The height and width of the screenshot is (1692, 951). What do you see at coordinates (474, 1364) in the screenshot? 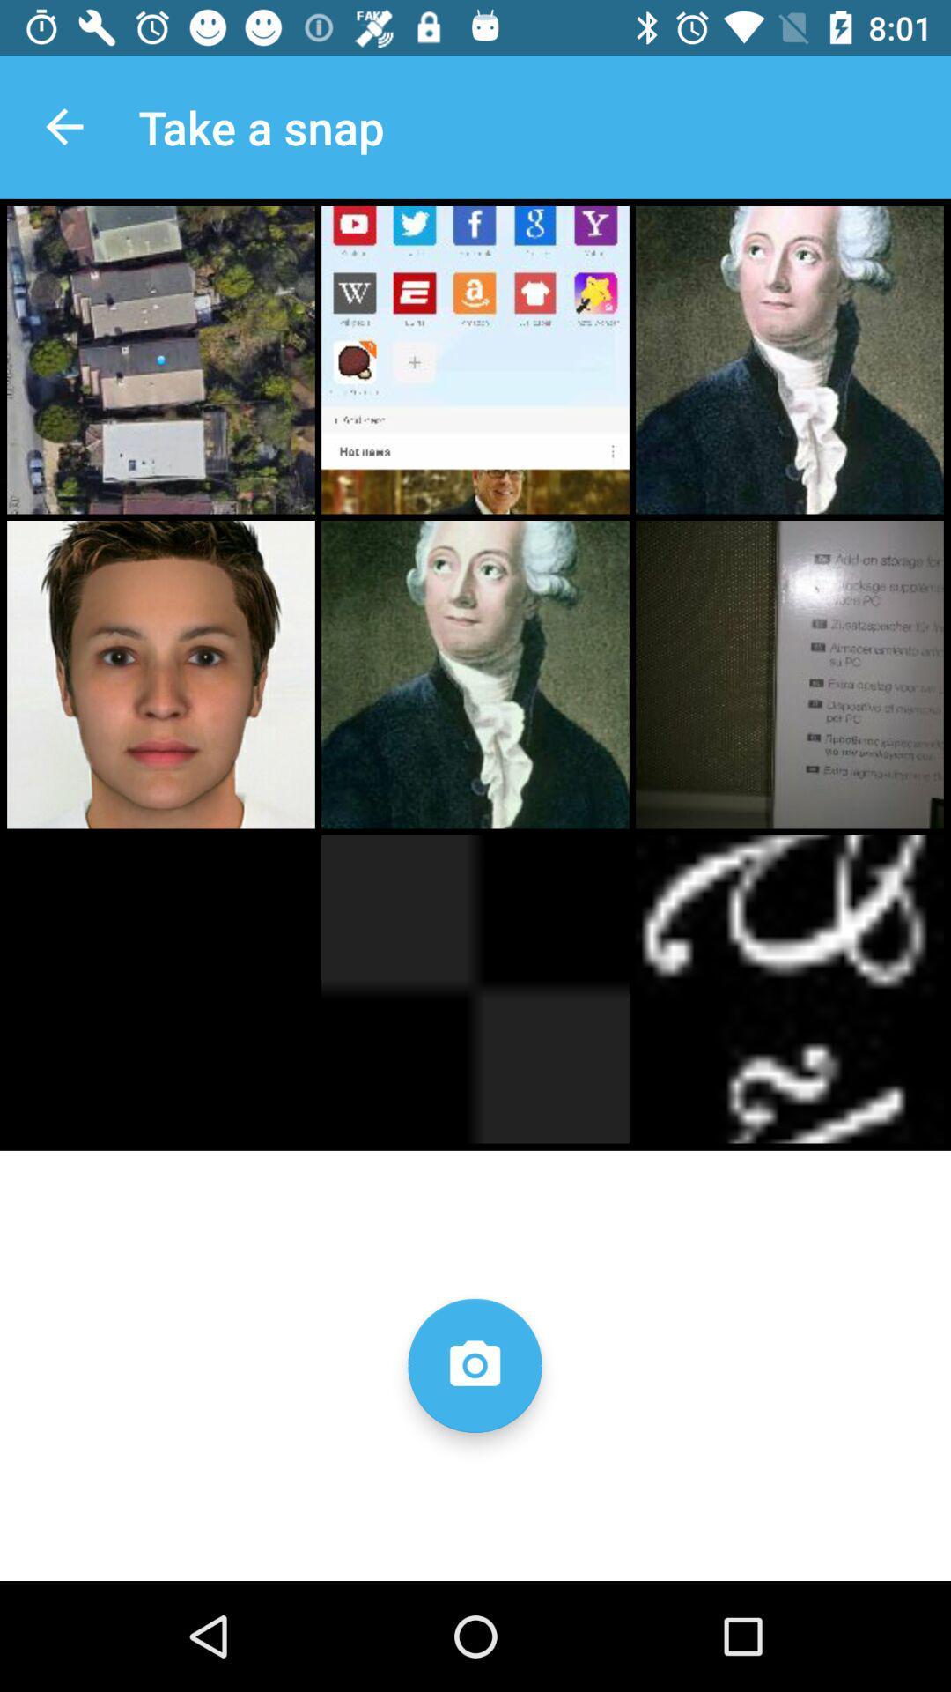
I see `take a picture` at bounding box center [474, 1364].